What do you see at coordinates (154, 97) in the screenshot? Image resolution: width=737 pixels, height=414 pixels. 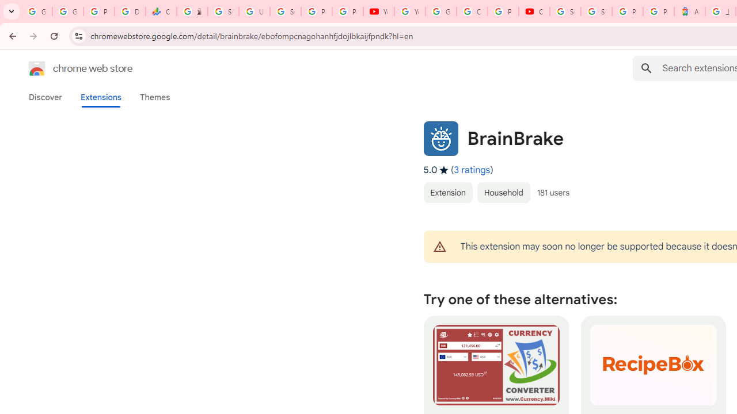 I see `'Themes'` at bounding box center [154, 97].